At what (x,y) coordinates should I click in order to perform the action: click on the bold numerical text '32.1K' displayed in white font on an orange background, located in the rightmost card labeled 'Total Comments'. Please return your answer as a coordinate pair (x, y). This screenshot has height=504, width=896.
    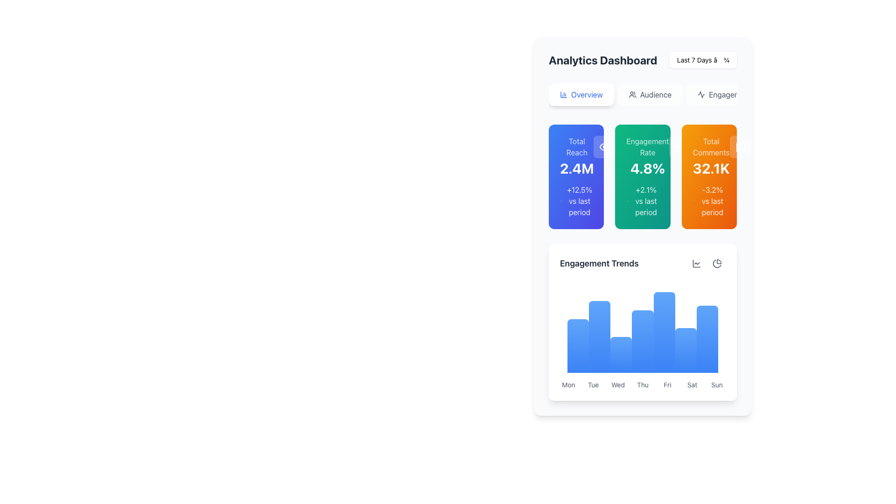
    Looking at the image, I should click on (711, 168).